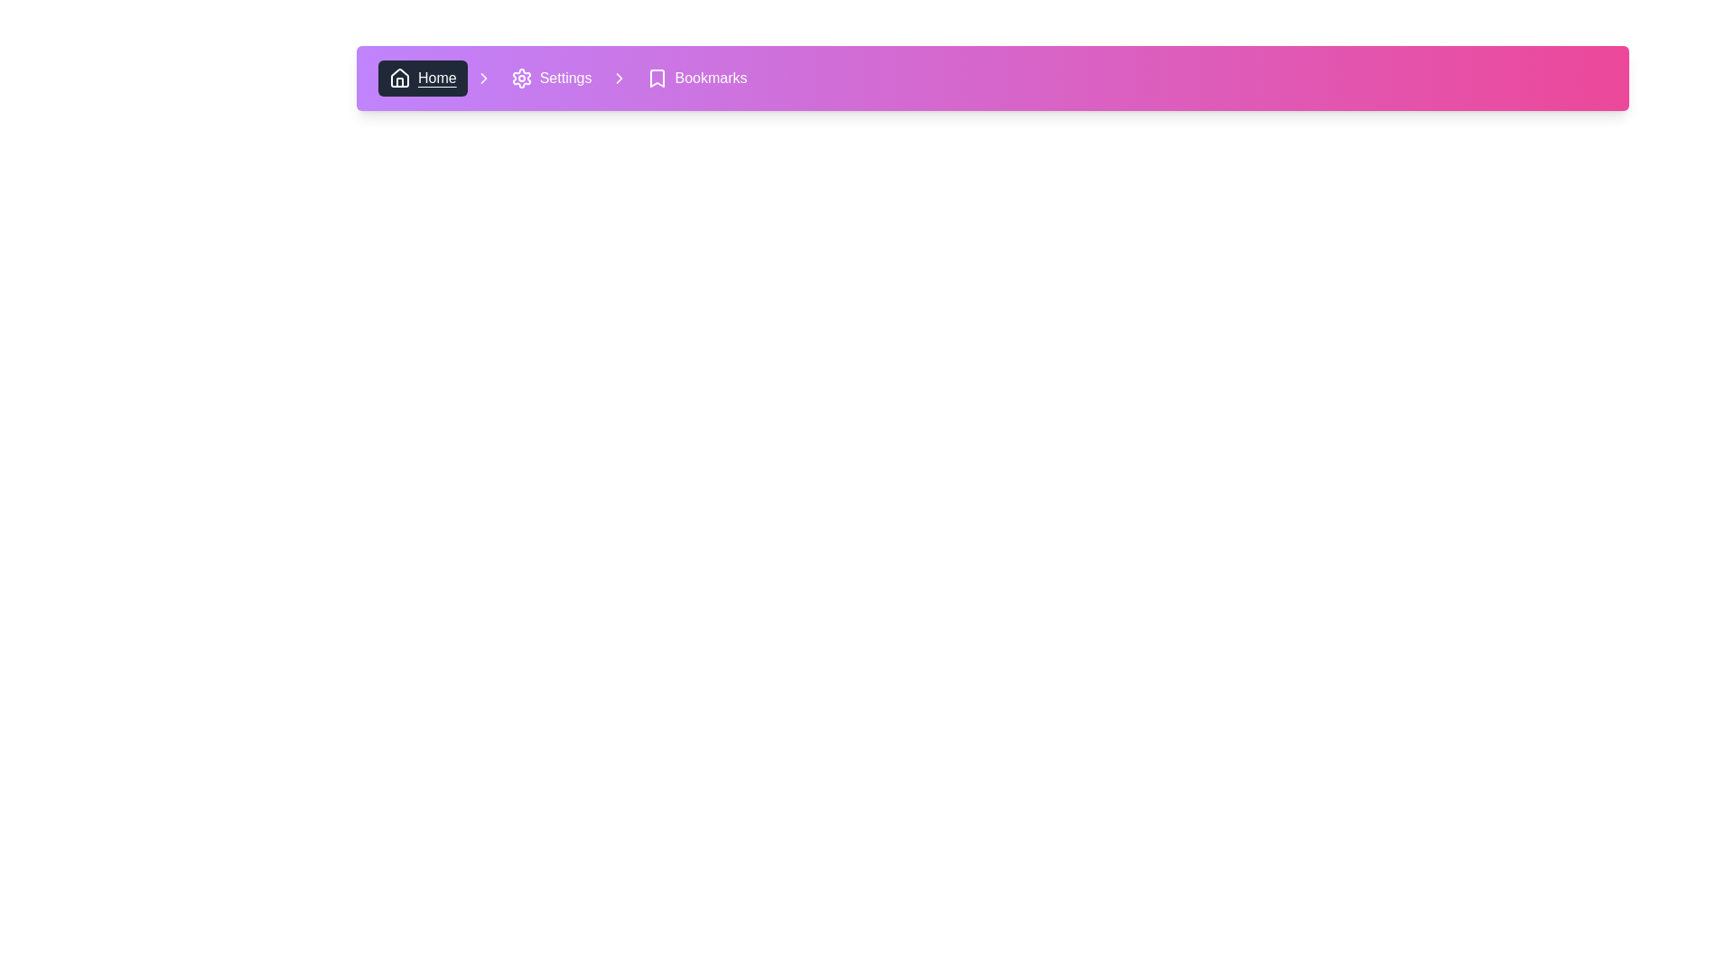  Describe the element at coordinates (398, 82) in the screenshot. I see `the decorative door element within the house icon in the first button labeled 'Home', located in the top-left corner of the header bar` at that location.